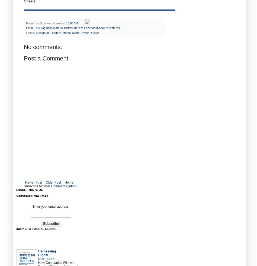 Image resolution: width=257 pixels, height=266 pixels. What do you see at coordinates (29, 190) in the screenshot?
I see `'Share this blog'` at bounding box center [29, 190].